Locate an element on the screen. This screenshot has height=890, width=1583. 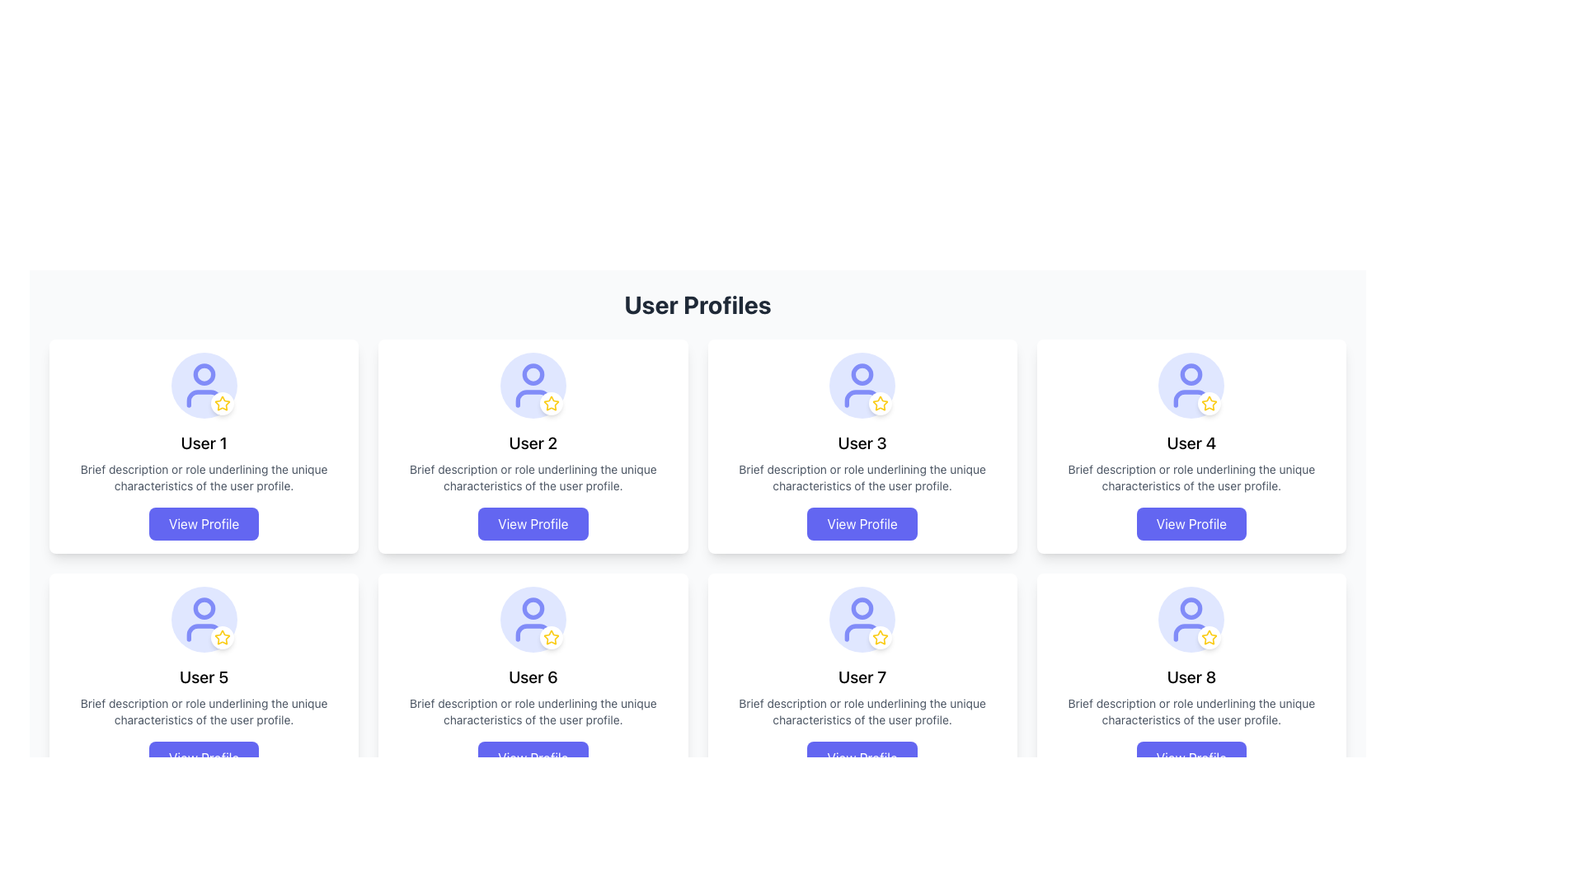
the indigo-colored icon representing a human figure, which is centered within a circular area above the user's name on the 'User 5' card is located at coordinates (203, 620).